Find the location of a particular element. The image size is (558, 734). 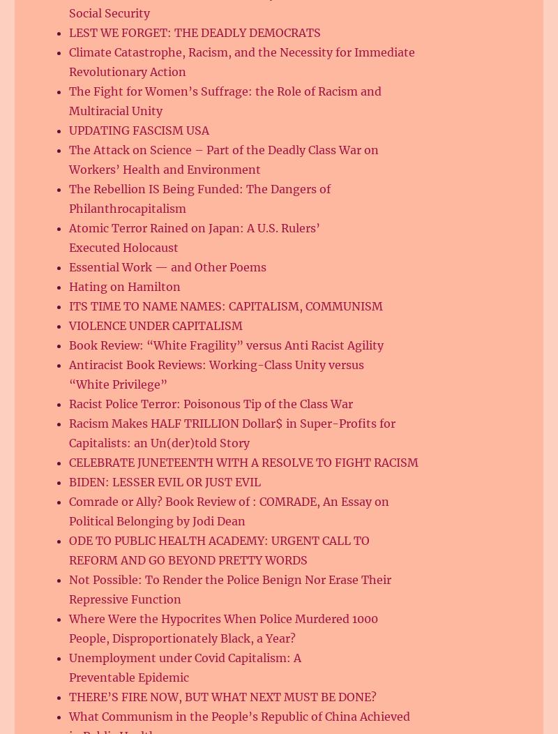

'THERE’S FIRE NOW, BUT WHAT NEXT MUST BE DONE?' is located at coordinates (222, 696).